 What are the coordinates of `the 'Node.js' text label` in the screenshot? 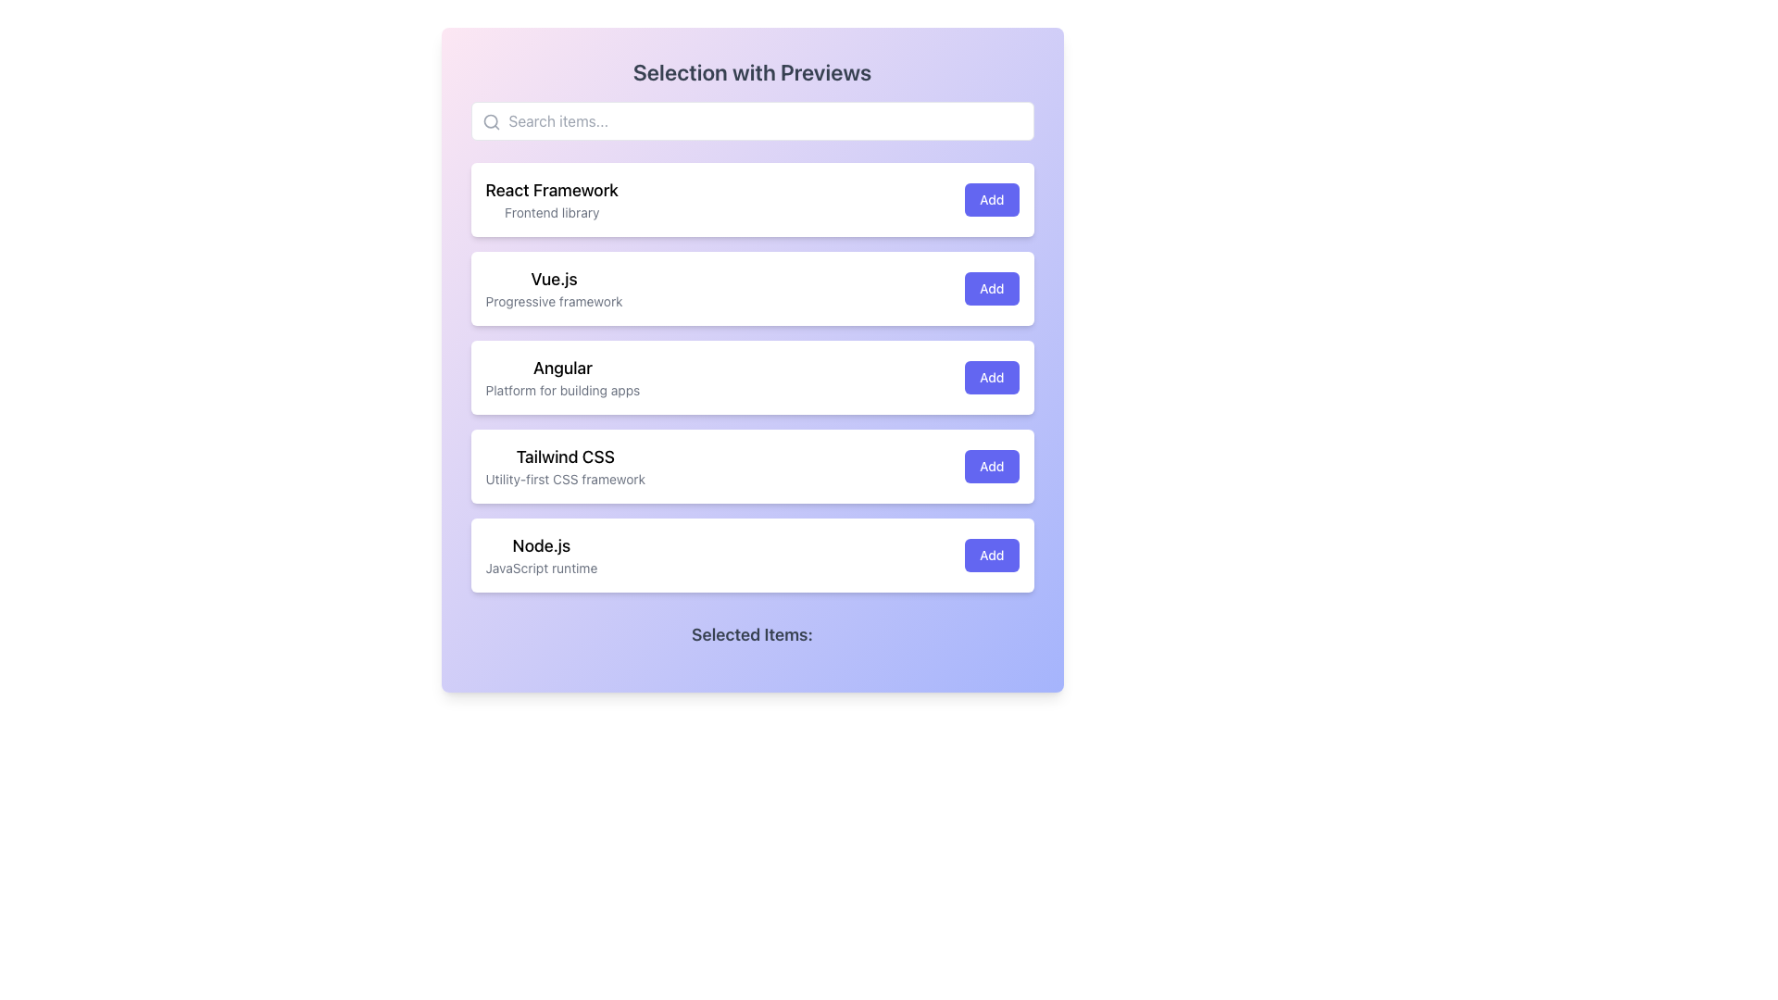 It's located at (540, 545).